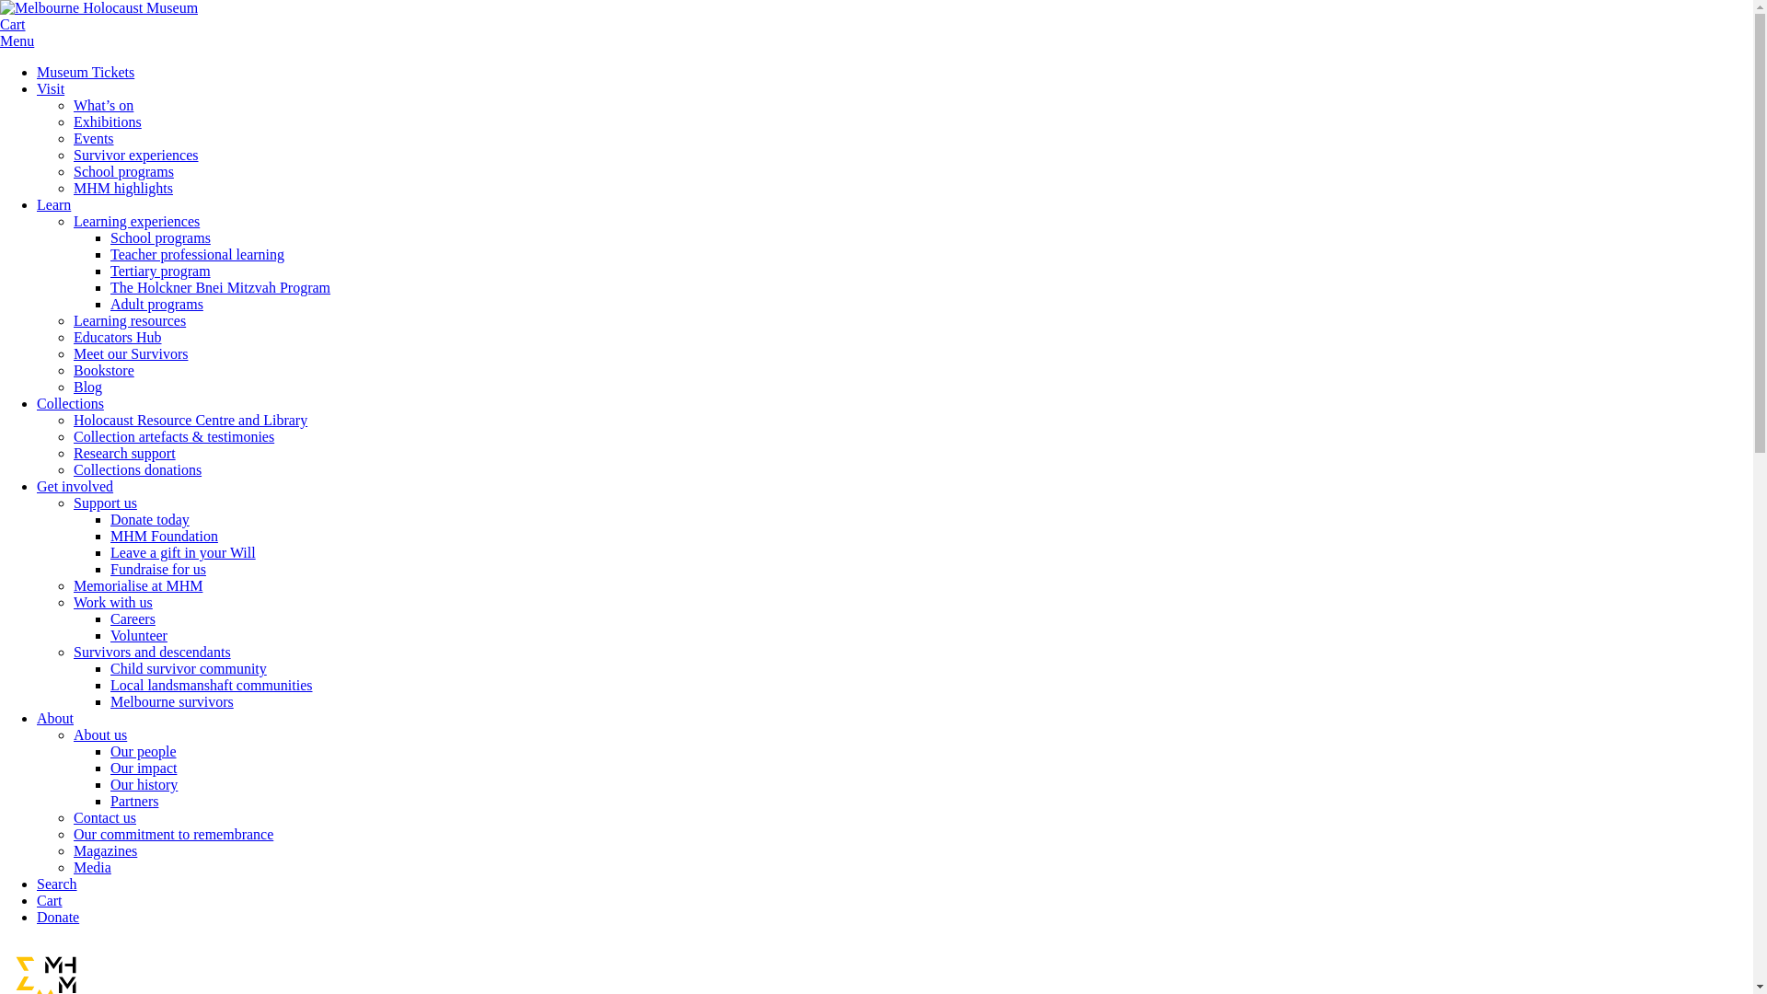  I want to click on 'Menu', so click(17, 40).